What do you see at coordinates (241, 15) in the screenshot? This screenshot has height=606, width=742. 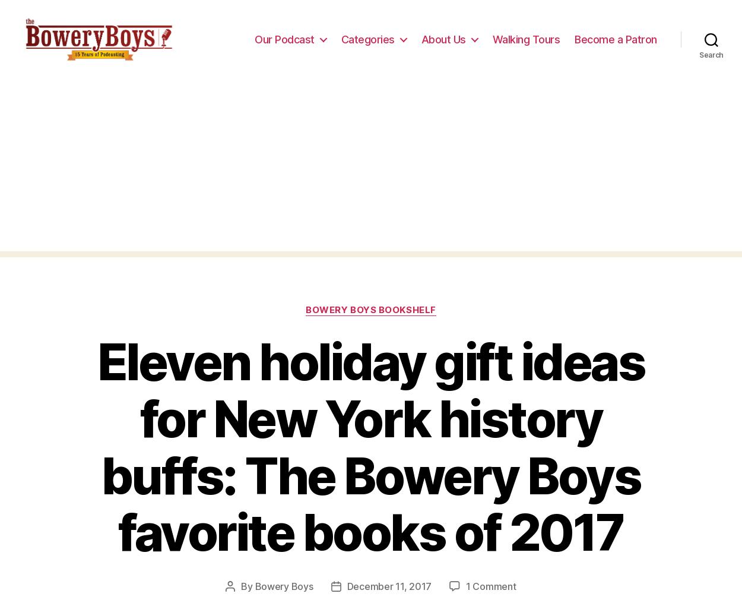 I see `'Brad Marcus'` at bounding box center [241, 15].